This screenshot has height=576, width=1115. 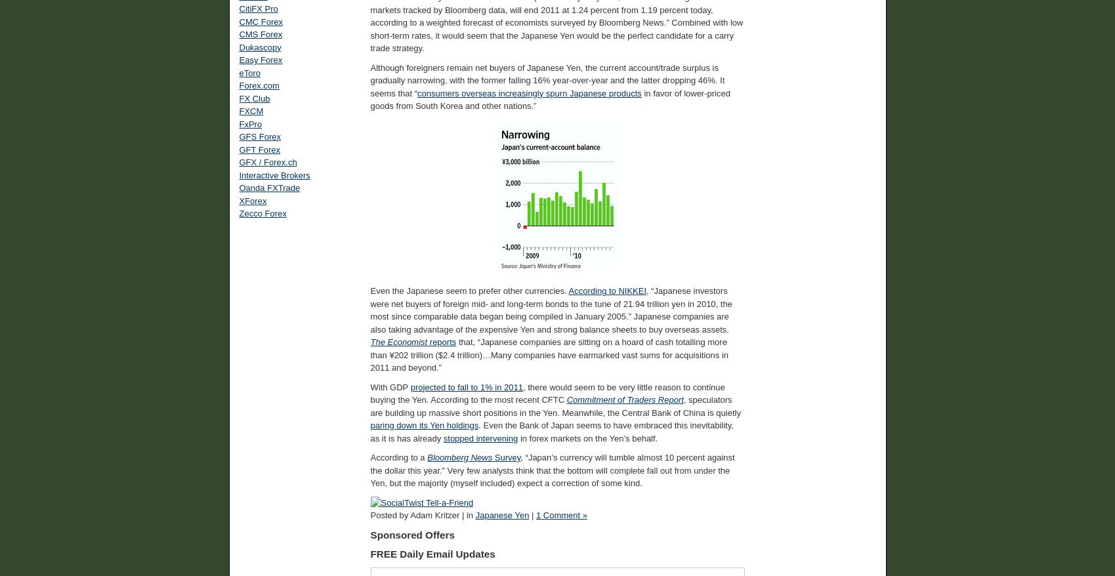 What do you see at coordinates (547, 79) in the screenshot?
I see `'Although foreigners remain net buyers of Japanese Yen, the current account/trade surplus is gradually narrowing, with the former falling 16% year-over-year and the latter dropping 46%. It seems that “'` at bounding box center [547, 79].